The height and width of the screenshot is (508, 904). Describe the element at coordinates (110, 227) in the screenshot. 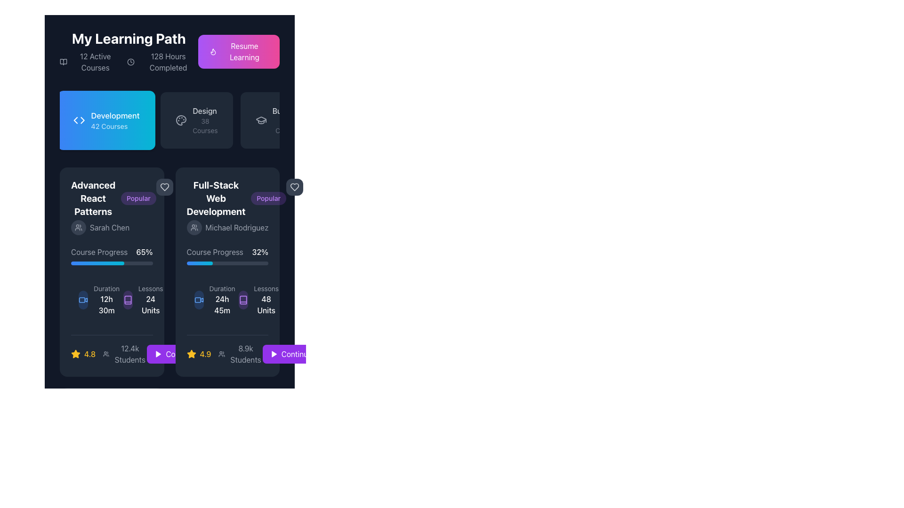

I see `text label displaying the name of the instructor in the 'Advanced React Patterns' section, located directly beneath the instructor's circular icon and above the course progress bar` at that location.